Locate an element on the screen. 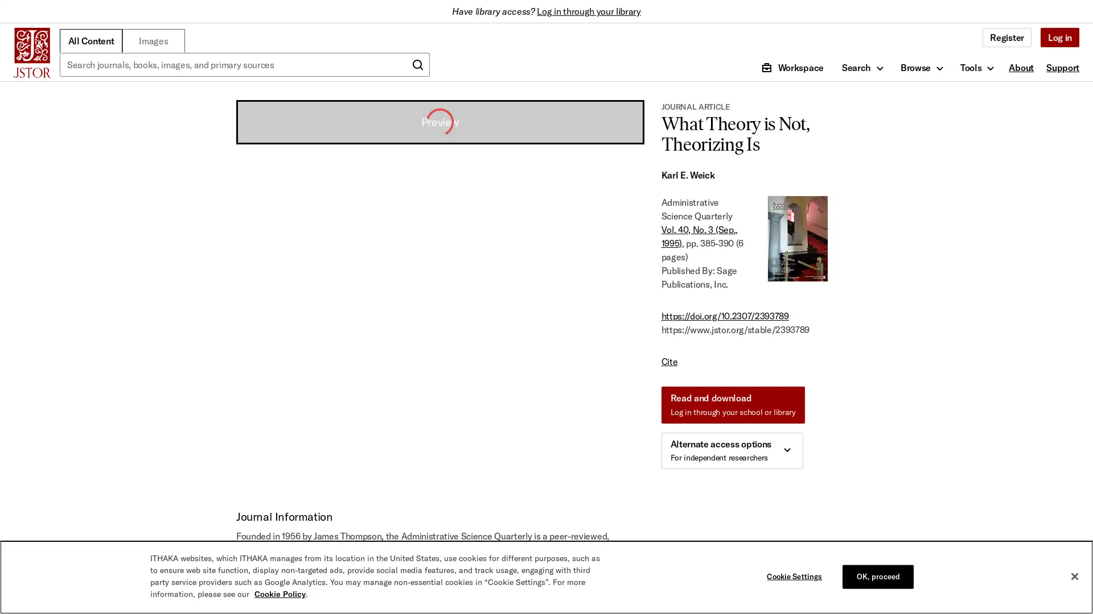  Alternate access options For independent researchers is located at coordinates (732, 450).